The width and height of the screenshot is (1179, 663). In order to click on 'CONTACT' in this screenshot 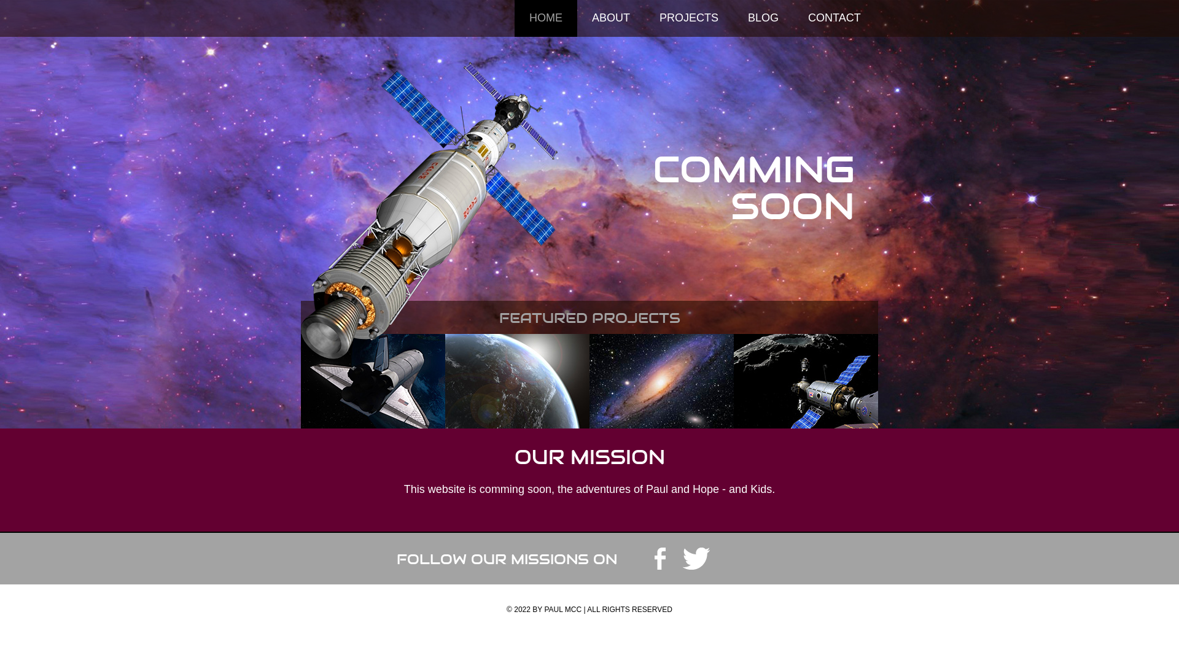, I will do `click(834, 18)`.